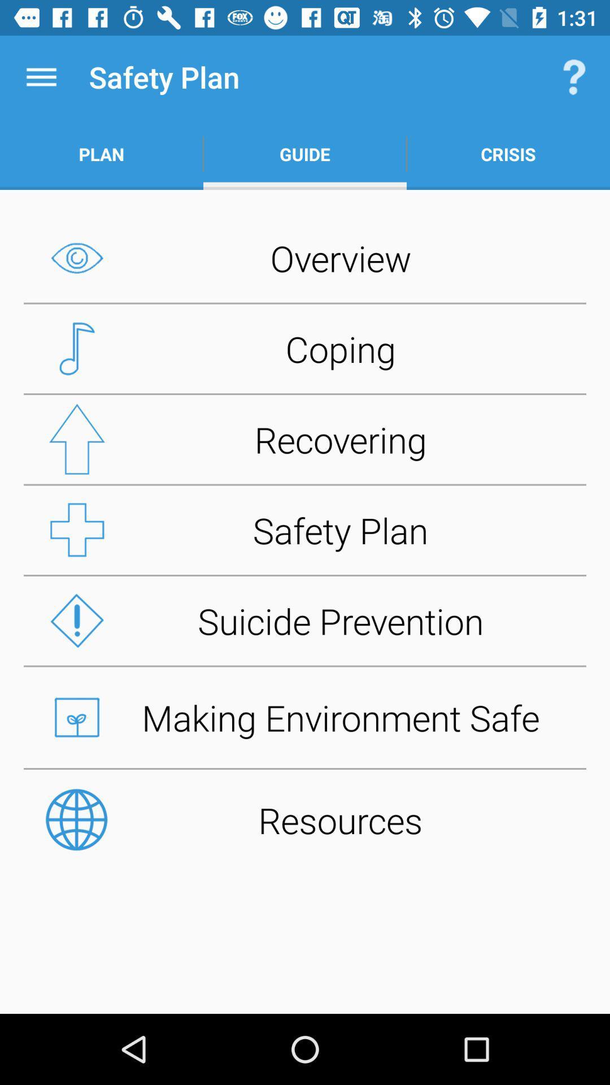 Image resolution: width=610 pixels, height=1085 pixels. I want to click on recovering button, so click(305, 439).